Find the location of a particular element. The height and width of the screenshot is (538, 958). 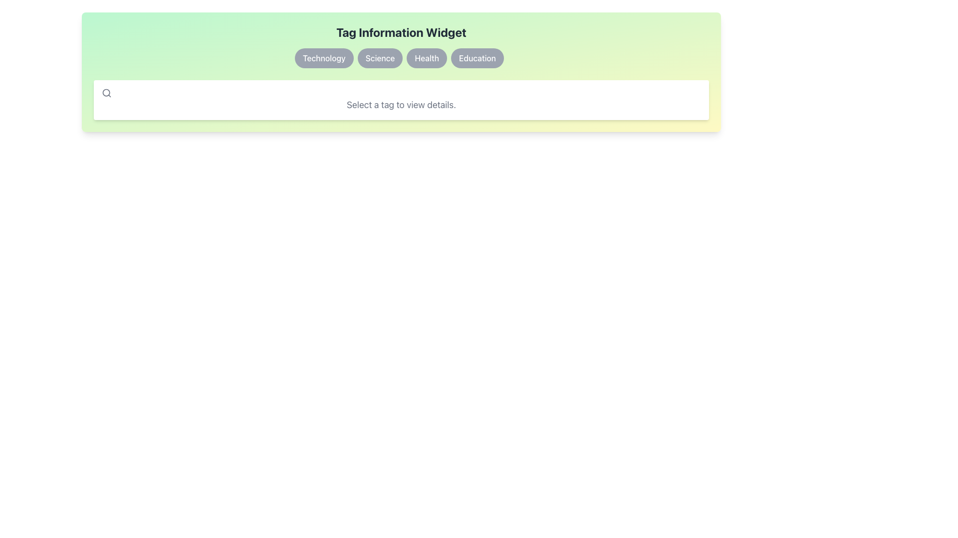

the rounded gray button labeled 'Education' is located at coordinates (477, 58).